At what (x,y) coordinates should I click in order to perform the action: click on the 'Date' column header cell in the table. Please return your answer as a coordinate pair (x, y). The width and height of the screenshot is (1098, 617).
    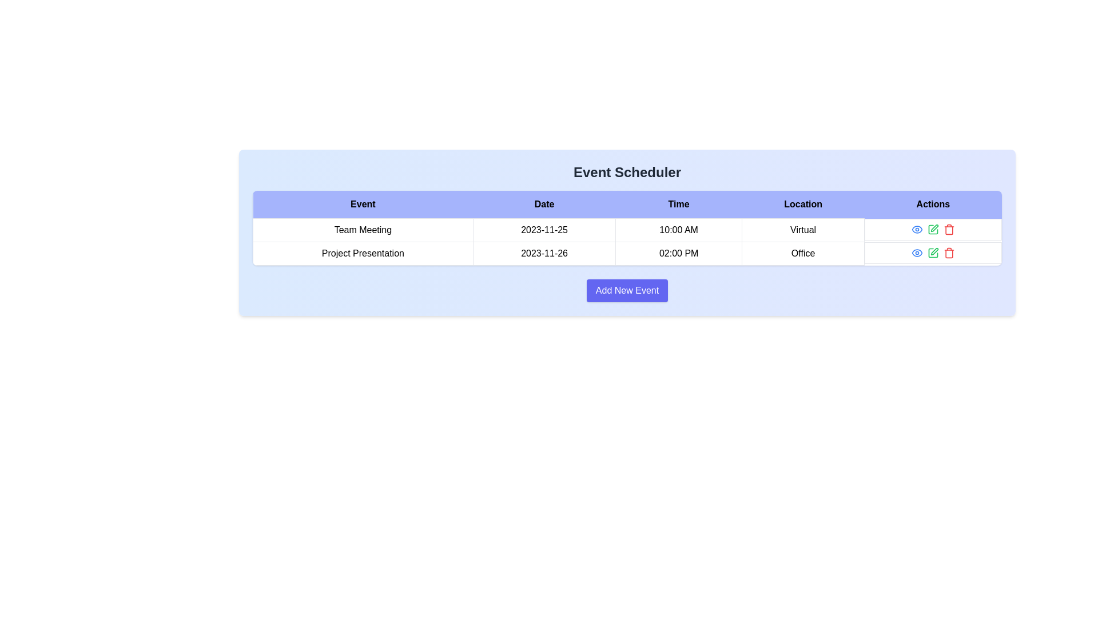
    Looking at the image, I should click on (544, 204).